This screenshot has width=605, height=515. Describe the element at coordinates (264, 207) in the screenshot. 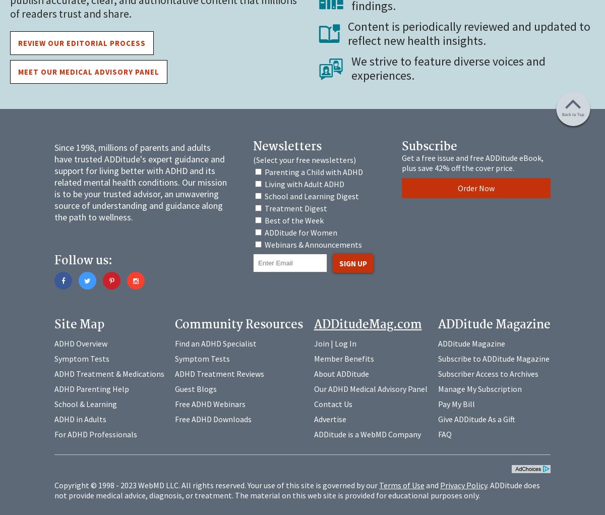

I see `'Treatment Digest'` at that location.